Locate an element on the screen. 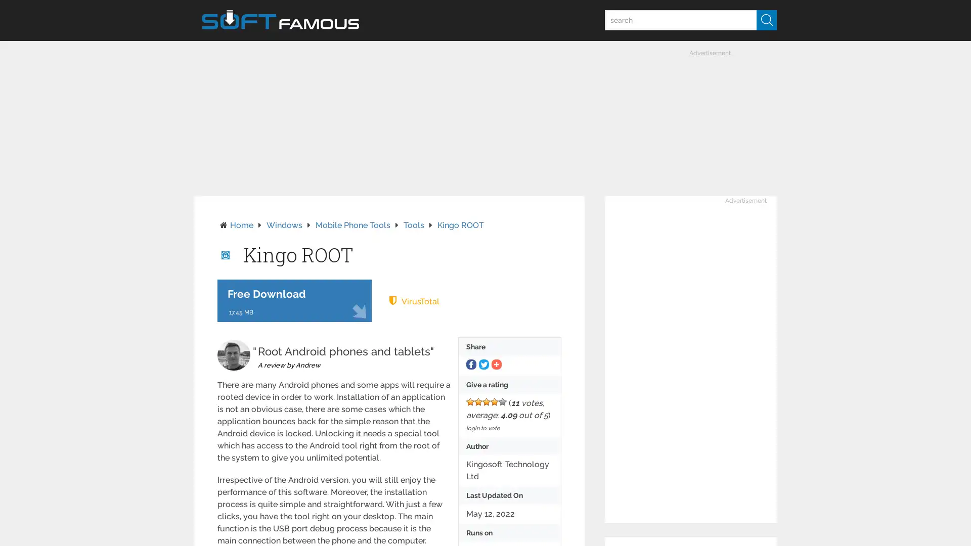 The image size is (971, 546). Share to More is located at coordinates (497, 364).